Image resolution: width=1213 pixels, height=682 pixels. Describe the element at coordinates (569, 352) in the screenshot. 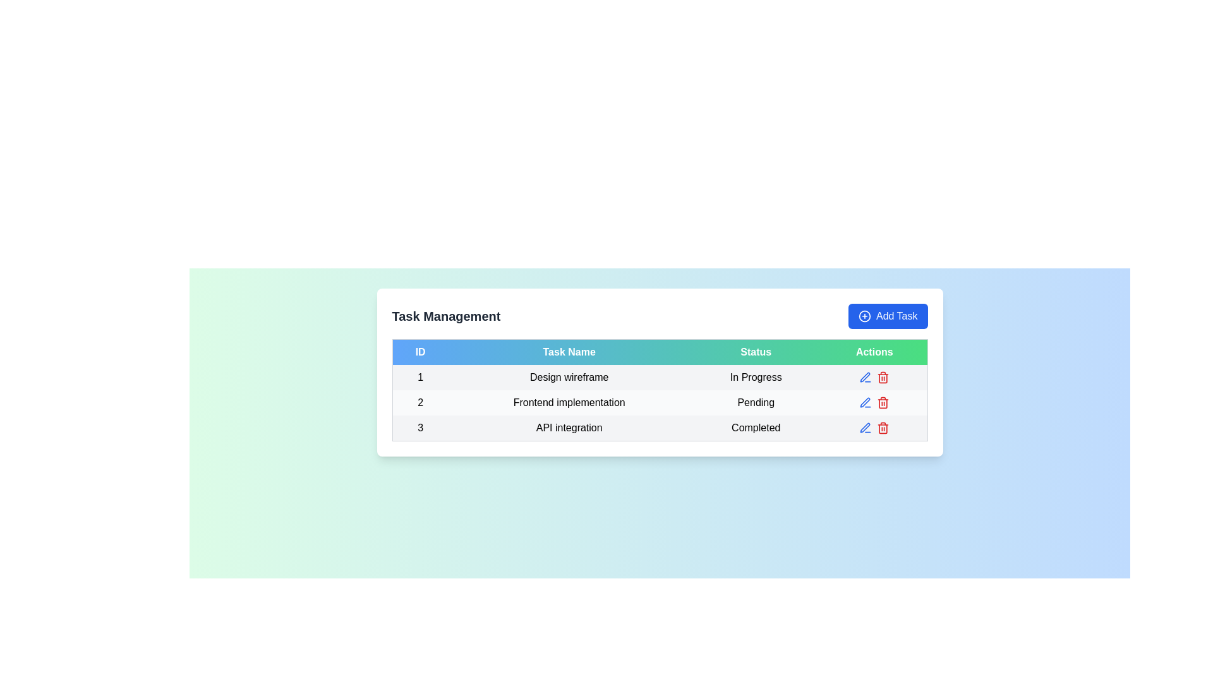

I see `the 'Task Name' header label in the table, which is located in the second position of the header row, between 'ID' and 'Status'` at that location.